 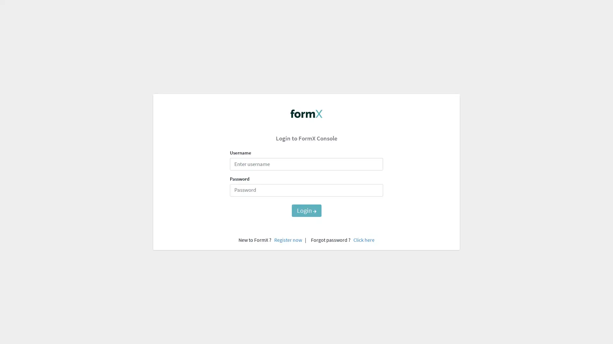 What do you see at coordinates (306, 210) in the screenshot?
I see `Login` at bounding box center [306, 210].